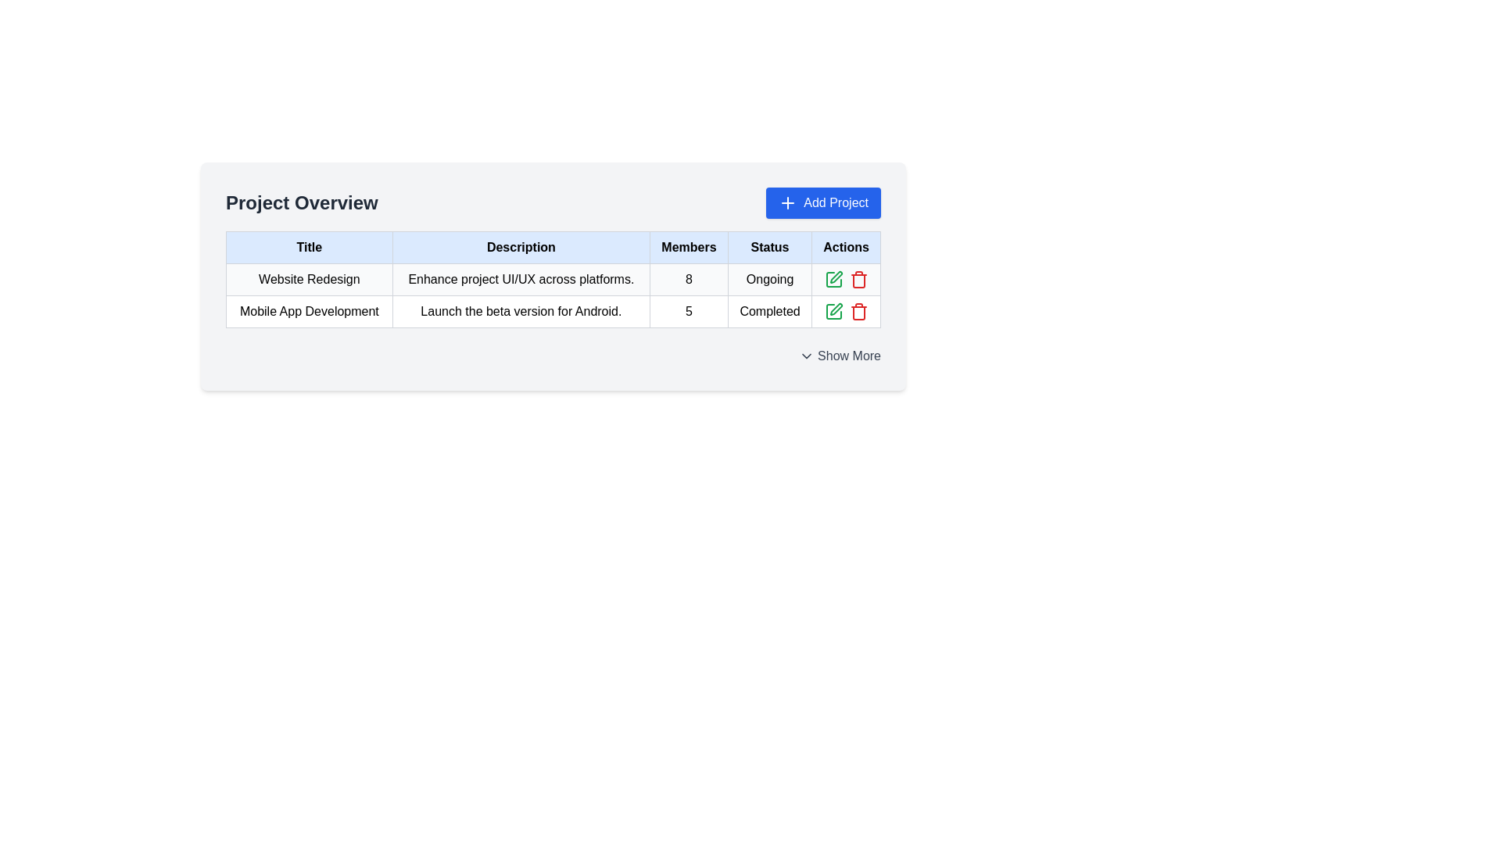 The height and width of the screenshot is (844, 1501). What do you see at coordinates (770, 311) in the screenshot?
I see `the status label indicating 'Mobile App Development' as completed, located in the fourth cell of the 'Status' column` at bounding box center [770, 311].